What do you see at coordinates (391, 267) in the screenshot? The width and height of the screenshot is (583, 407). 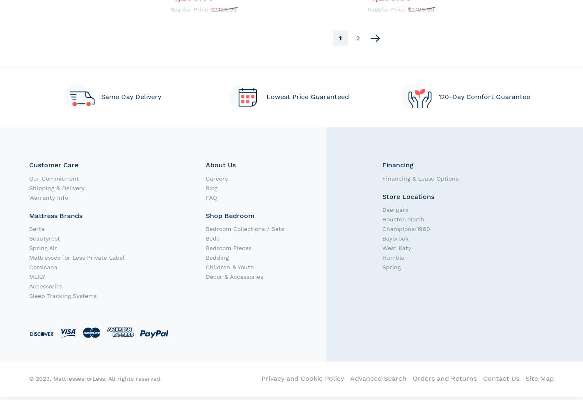 I see `'Spring'` at bounding box center [391, 267].